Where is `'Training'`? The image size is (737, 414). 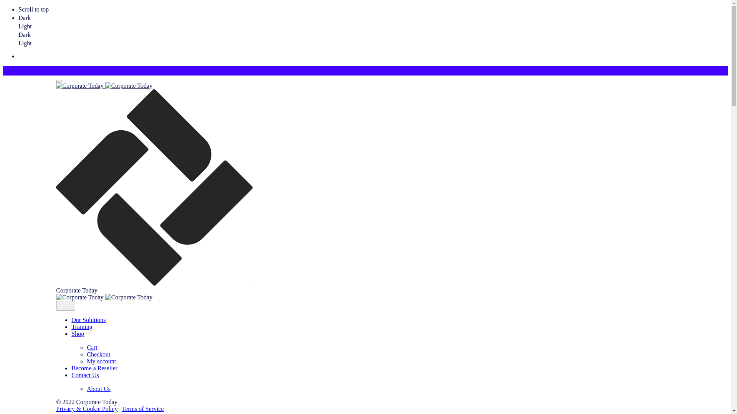 'Training' is located at coordinates (82, 327).